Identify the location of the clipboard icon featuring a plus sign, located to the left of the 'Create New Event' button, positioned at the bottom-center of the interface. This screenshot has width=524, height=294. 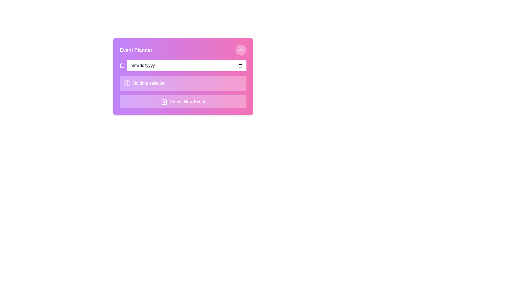
(164, 102).